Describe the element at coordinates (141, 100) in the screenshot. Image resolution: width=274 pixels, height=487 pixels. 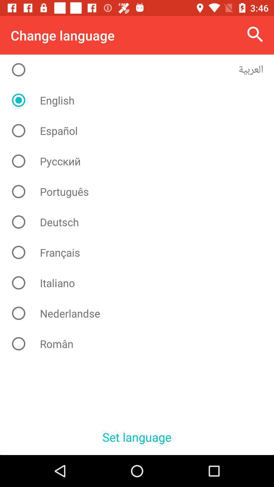
I see `the english` at that location.